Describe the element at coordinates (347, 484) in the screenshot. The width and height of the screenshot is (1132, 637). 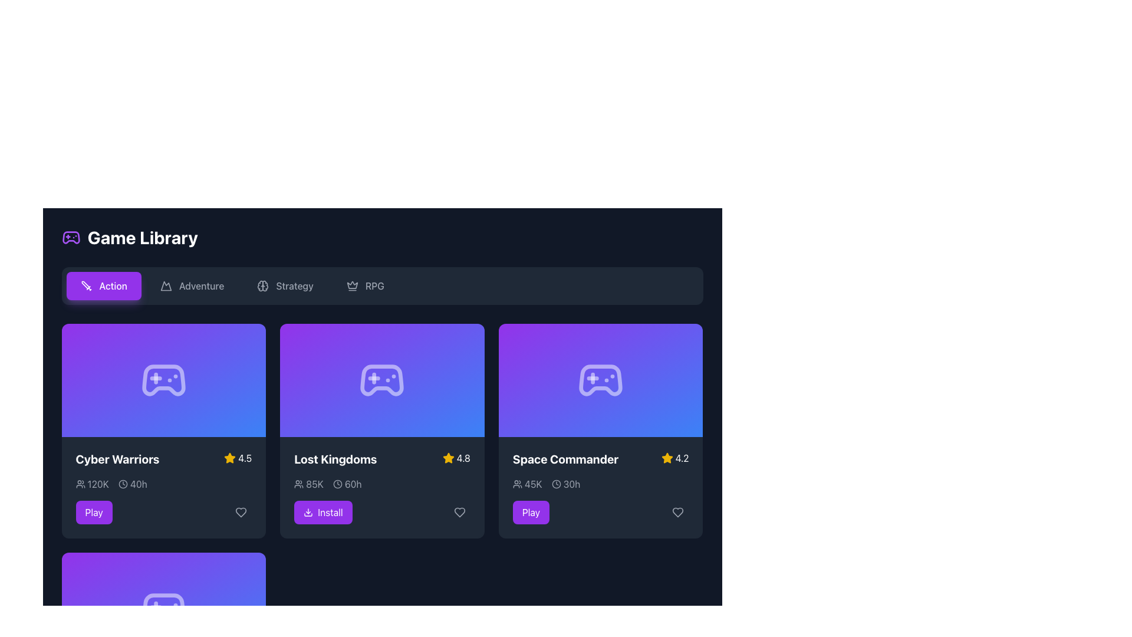
I see `the Text Label with Icon displaying '60h', which is styled in light gray and is part of the game 'Lost Kingdoms' metrics group` at that location.